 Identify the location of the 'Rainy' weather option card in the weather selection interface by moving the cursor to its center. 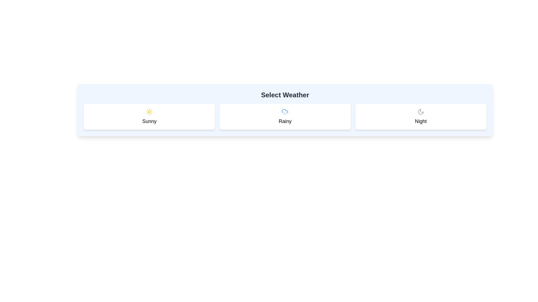
(285, 116).